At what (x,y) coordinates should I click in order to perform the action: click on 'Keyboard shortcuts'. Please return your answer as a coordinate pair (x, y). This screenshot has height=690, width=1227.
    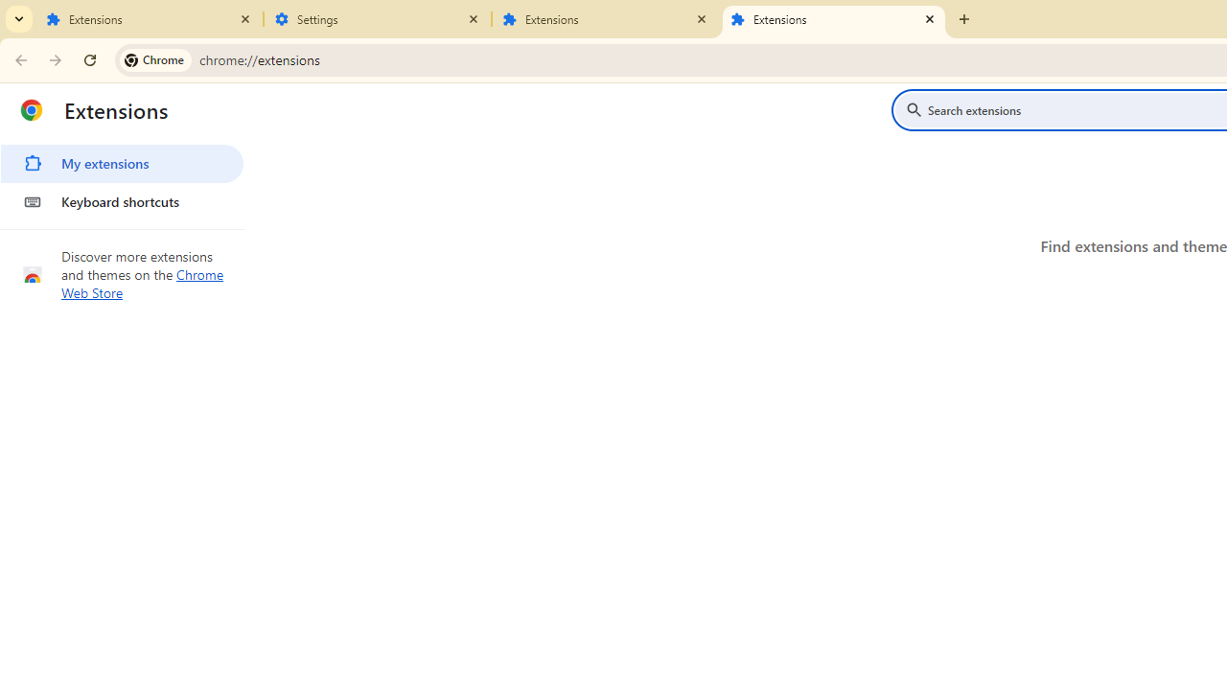
    Looking at the image, I should click on (121, 201).